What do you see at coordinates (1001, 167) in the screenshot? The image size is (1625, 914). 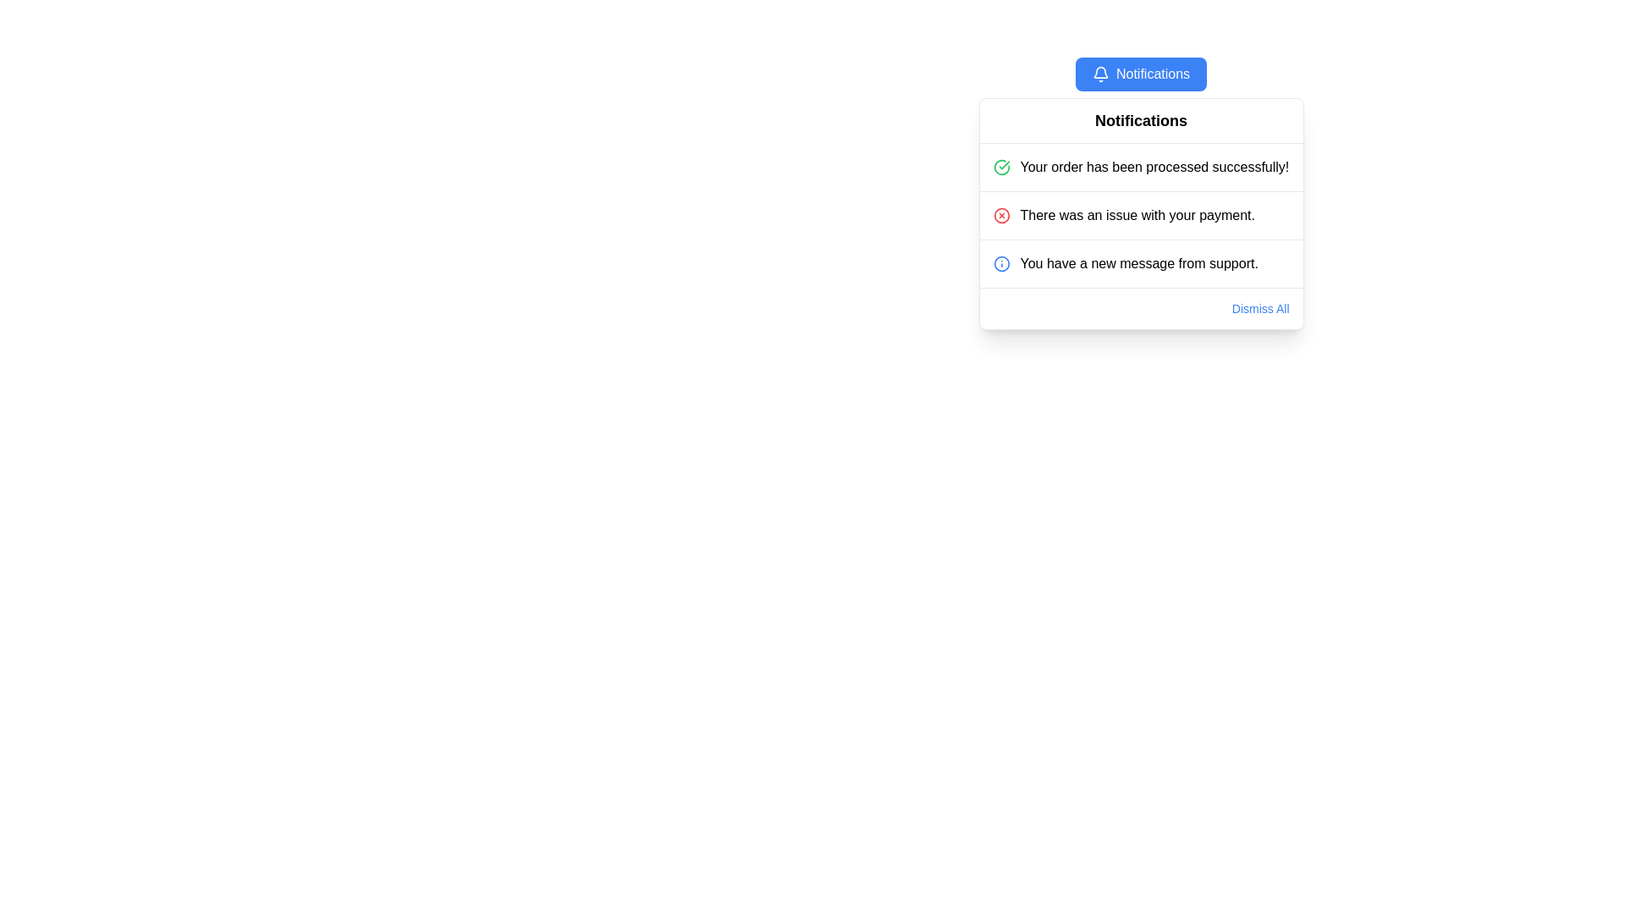 I see `the circular success notification icon with a green checkmark, located to the left of the message 'Your order has been processed successfully!'` at bounding box center [1001, 167].